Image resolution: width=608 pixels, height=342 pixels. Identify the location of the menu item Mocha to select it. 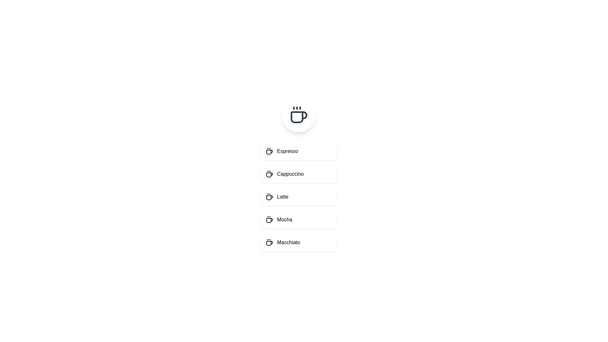
(298, 219).